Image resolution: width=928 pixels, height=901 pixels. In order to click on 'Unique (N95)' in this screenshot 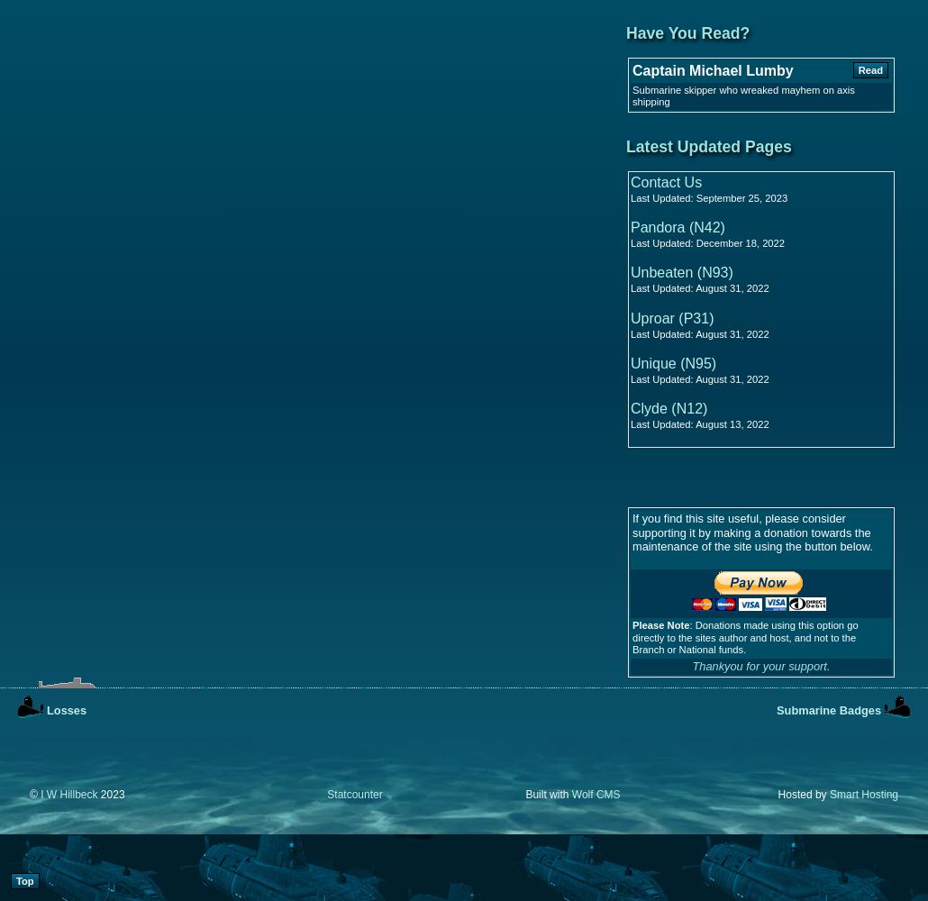, I will do `click(673, 362)`.